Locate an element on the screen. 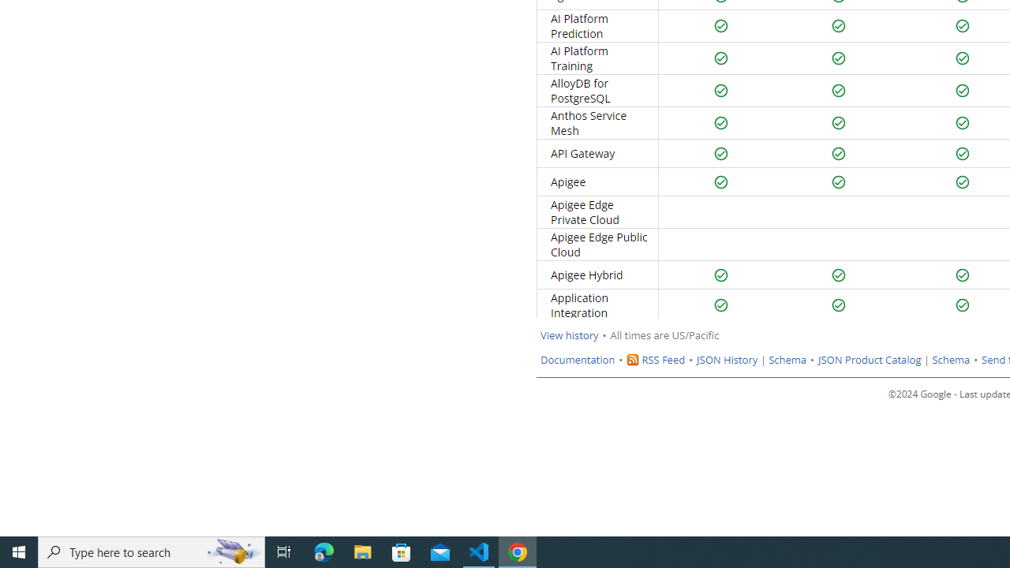  'JSON Product Catalog' is located at coordinates (868, 360).